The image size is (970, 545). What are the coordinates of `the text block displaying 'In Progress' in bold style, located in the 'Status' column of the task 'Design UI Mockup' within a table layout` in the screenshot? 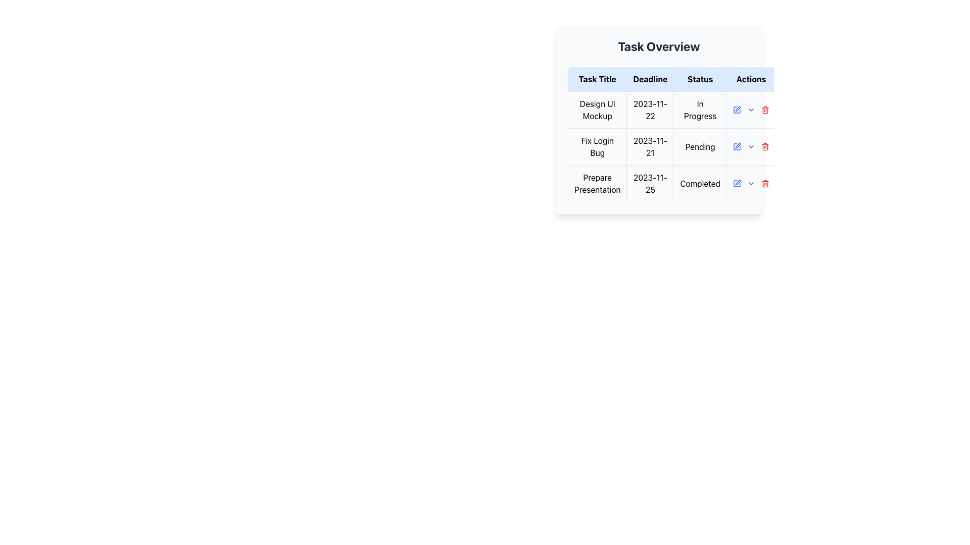 It's located at (700, 110).